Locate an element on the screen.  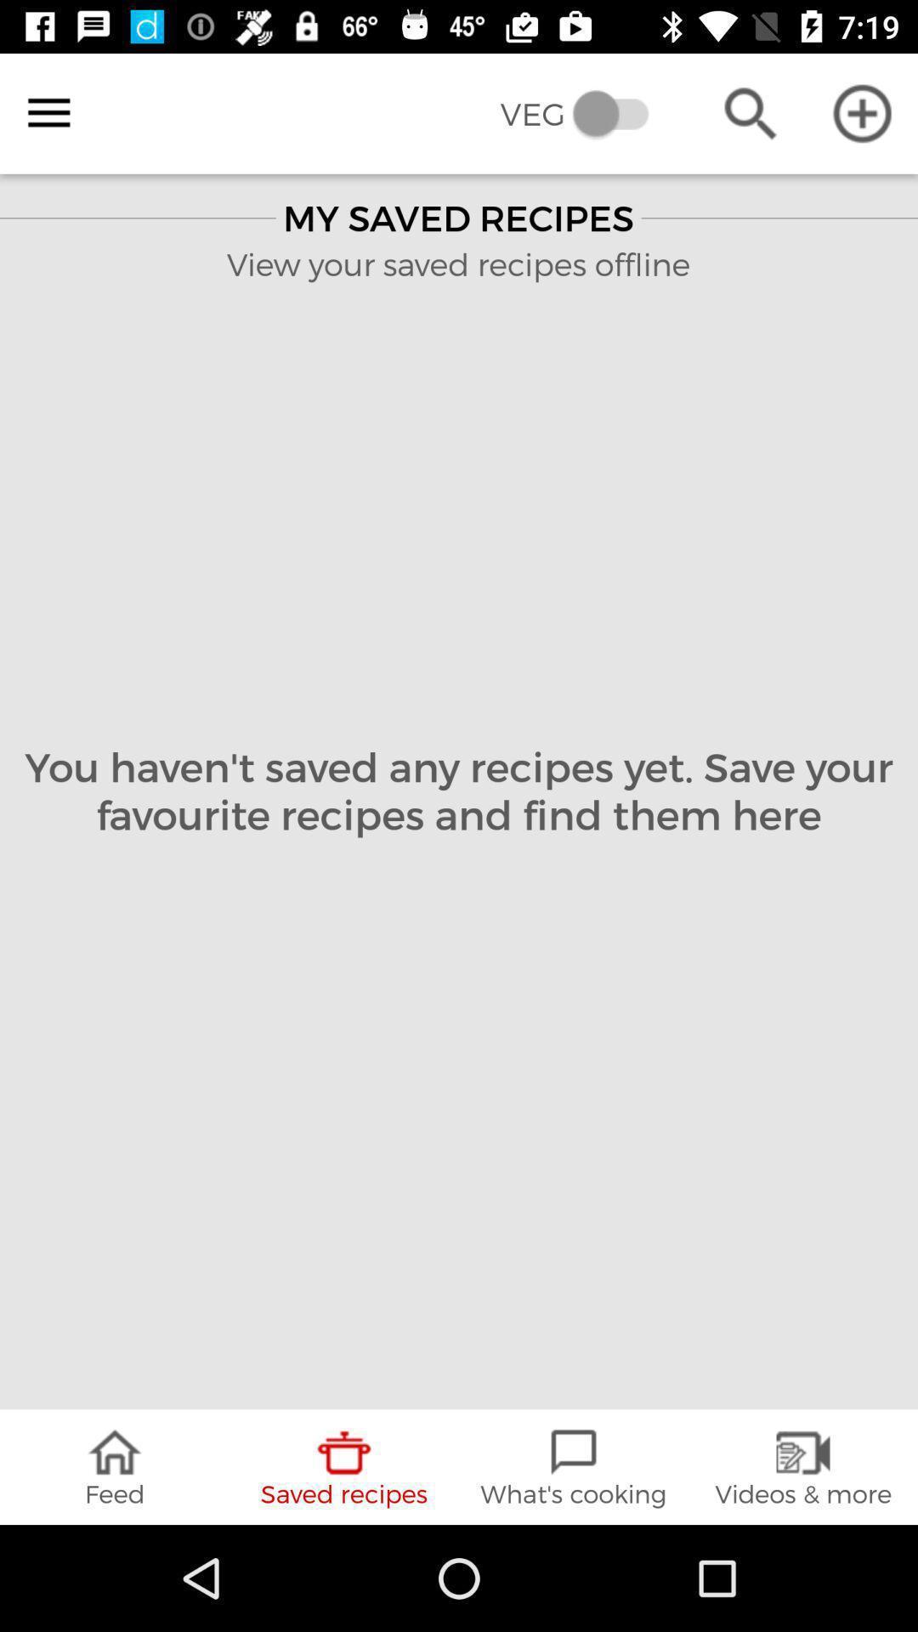
the icon next to the saved recipes item is located at coordinates (574, 1466).